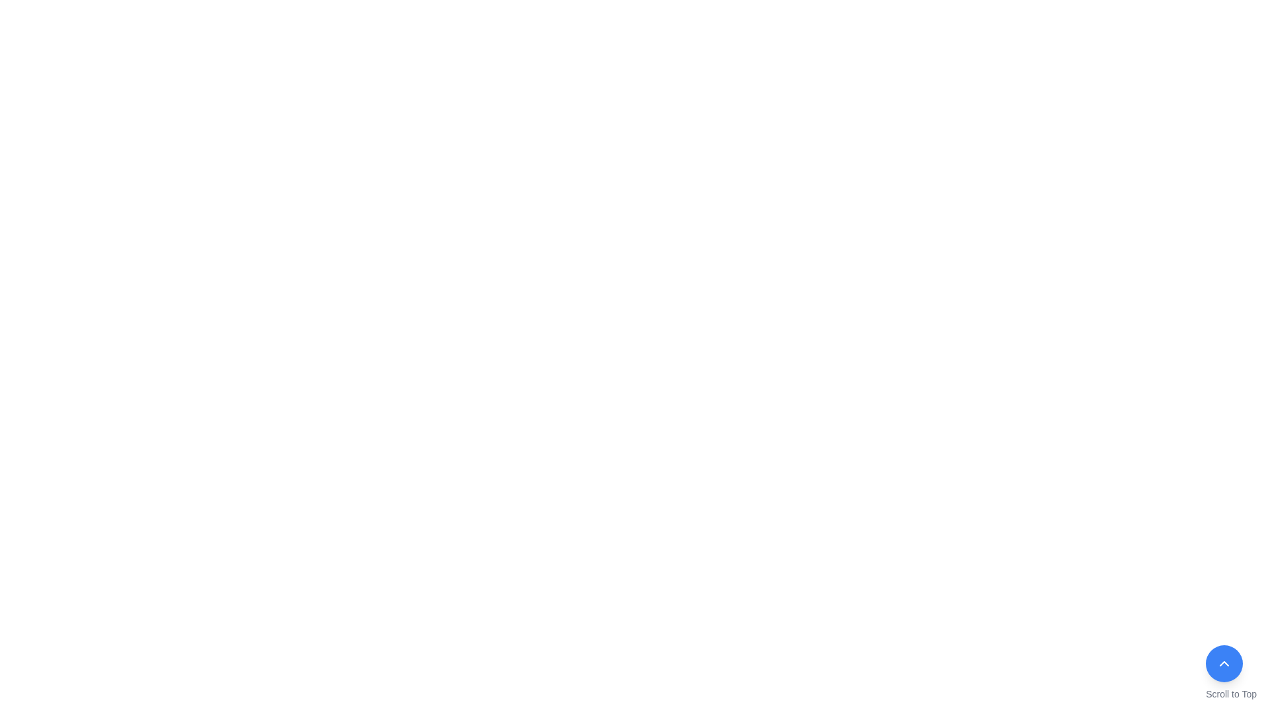  What do you see at coordinates (1230, 673) in the screenshot?
I see `the 'Return to Top' button located in the bottom-right corner of the interface to change its background color` at bounding box center [1230, 673].